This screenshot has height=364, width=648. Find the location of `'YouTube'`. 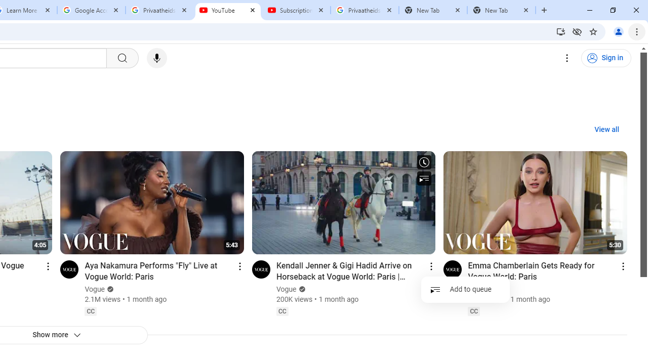

'YouTube' is located at coordinates (227, 10).